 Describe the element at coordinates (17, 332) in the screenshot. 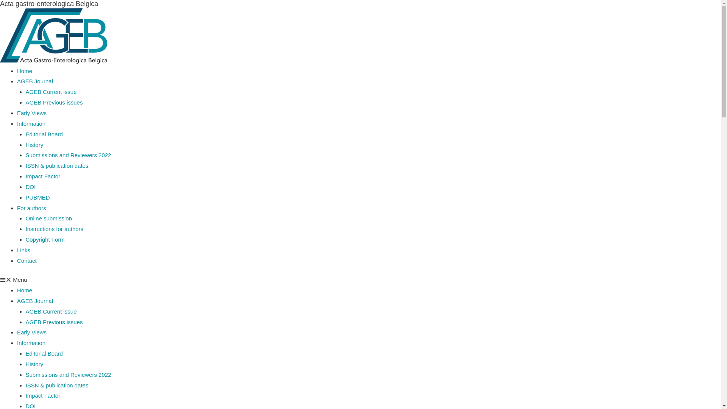

I see `'Early Views'` at that location.